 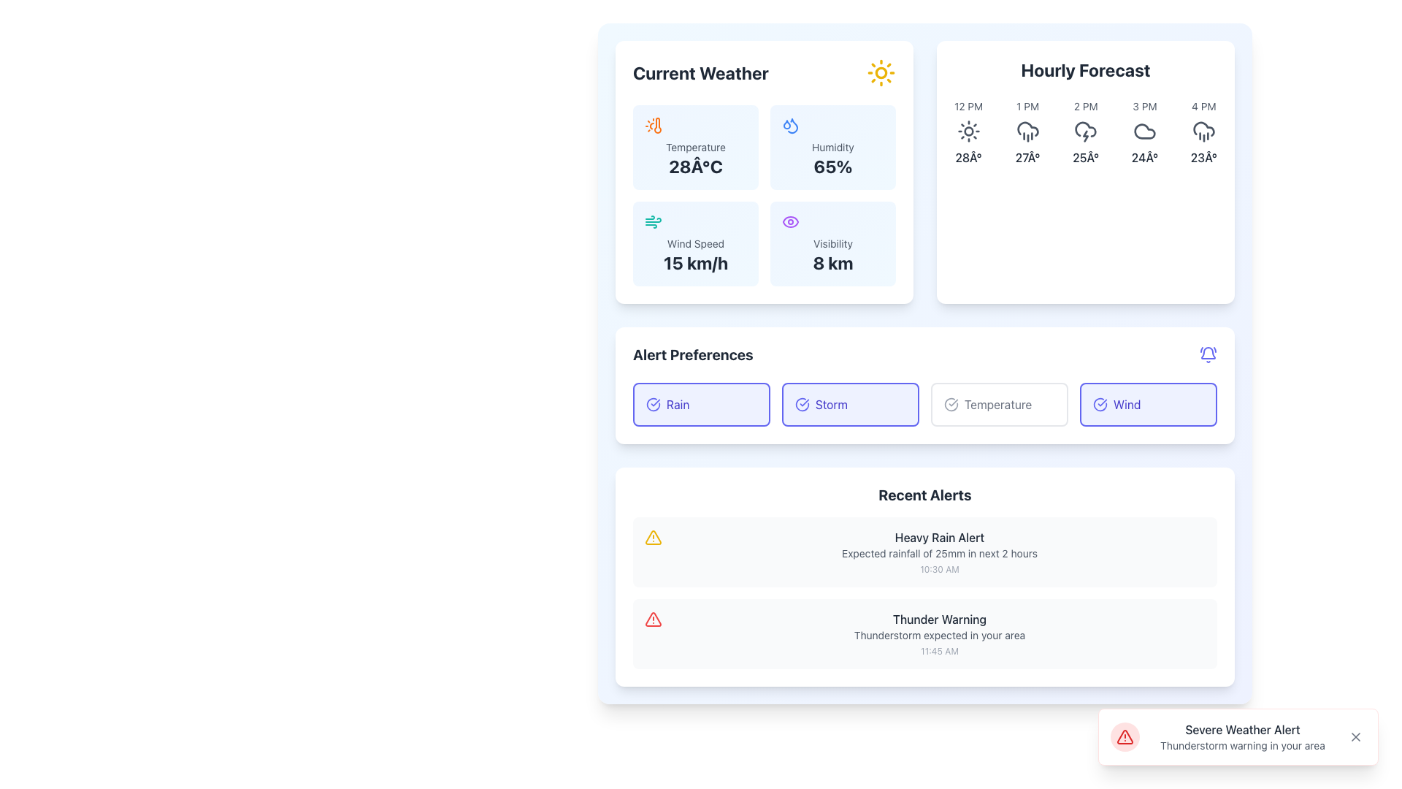 I want to click on the cloud icon located in the 'Hourly Forecast' panel under the 2 PM label, which is styled as an SVG icon, so click(x=1086, y=129).